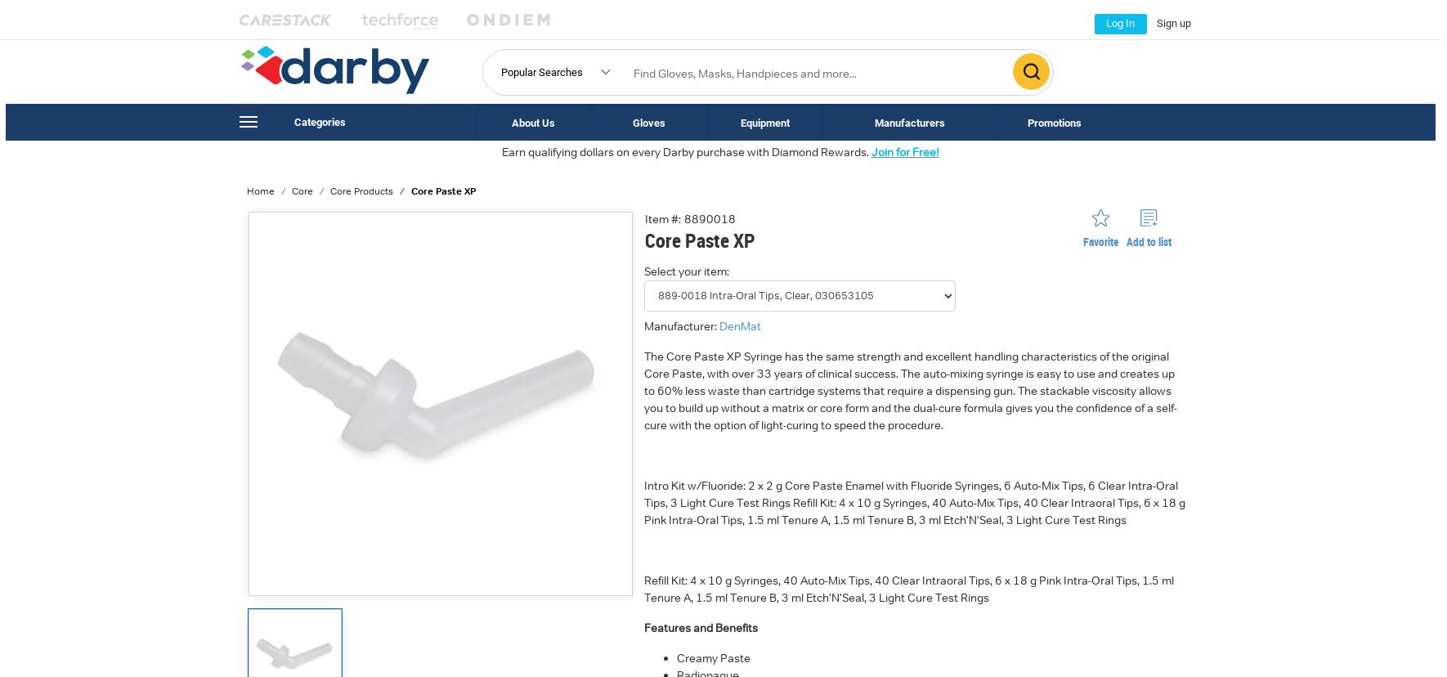 This screenshot has width=1447, height=677. Describe the element at coordinates (647, 123) in the screenshot. I see `'Gloves'` at that location.